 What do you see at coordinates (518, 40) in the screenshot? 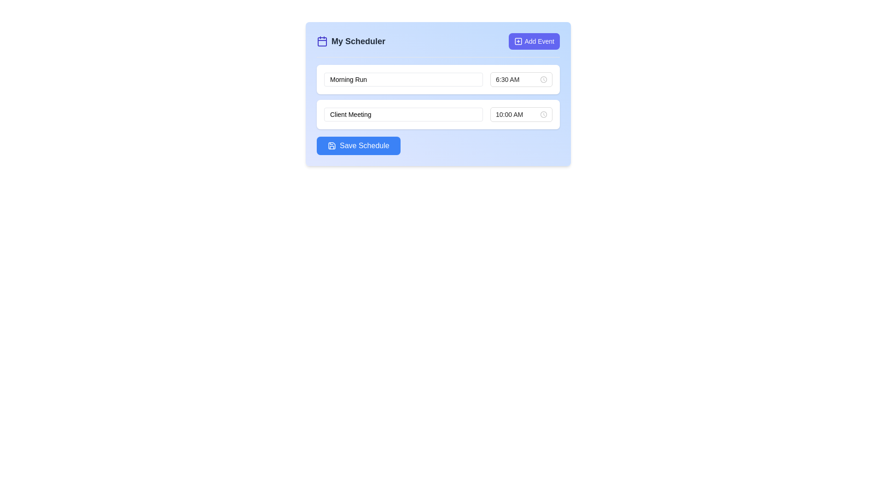
I see `the small icon resembling a square with a plus sign centered within it, which is part of the 'Add Event' button located in the top-right corner of the card` at bounding box center [518, 40].